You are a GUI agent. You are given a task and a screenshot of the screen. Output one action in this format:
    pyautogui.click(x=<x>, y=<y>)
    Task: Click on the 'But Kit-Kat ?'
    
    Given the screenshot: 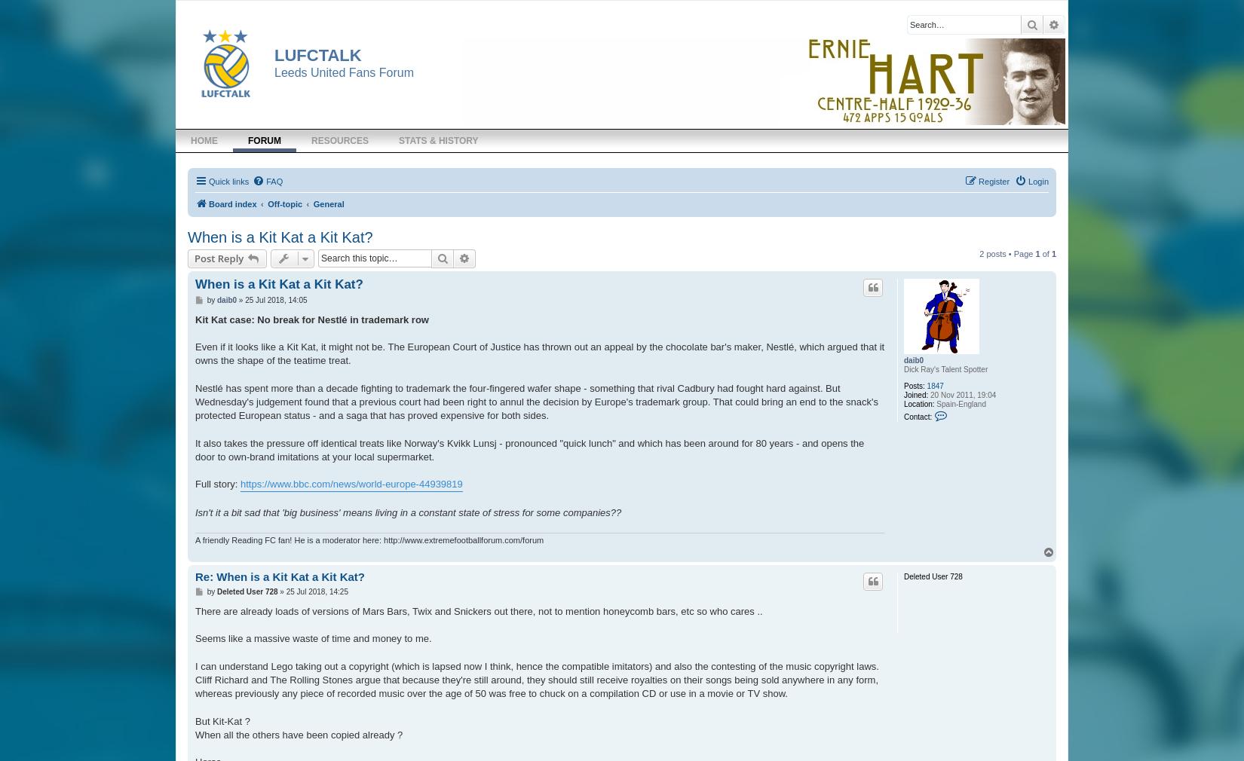 What is the action you would take?
    pyautogui.click(x=222, y=720)
    